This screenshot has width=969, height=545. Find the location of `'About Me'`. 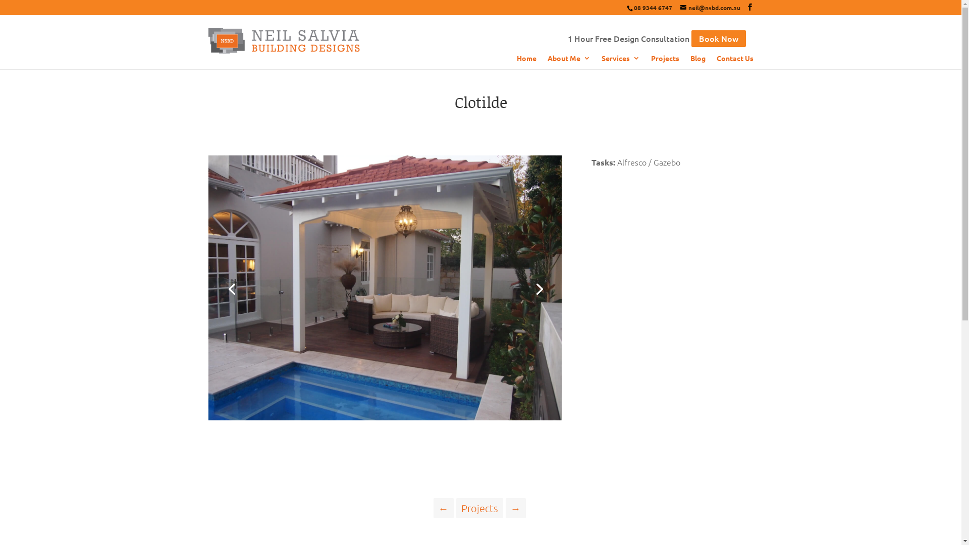

'About Me' is located at coordinates (568, 62).